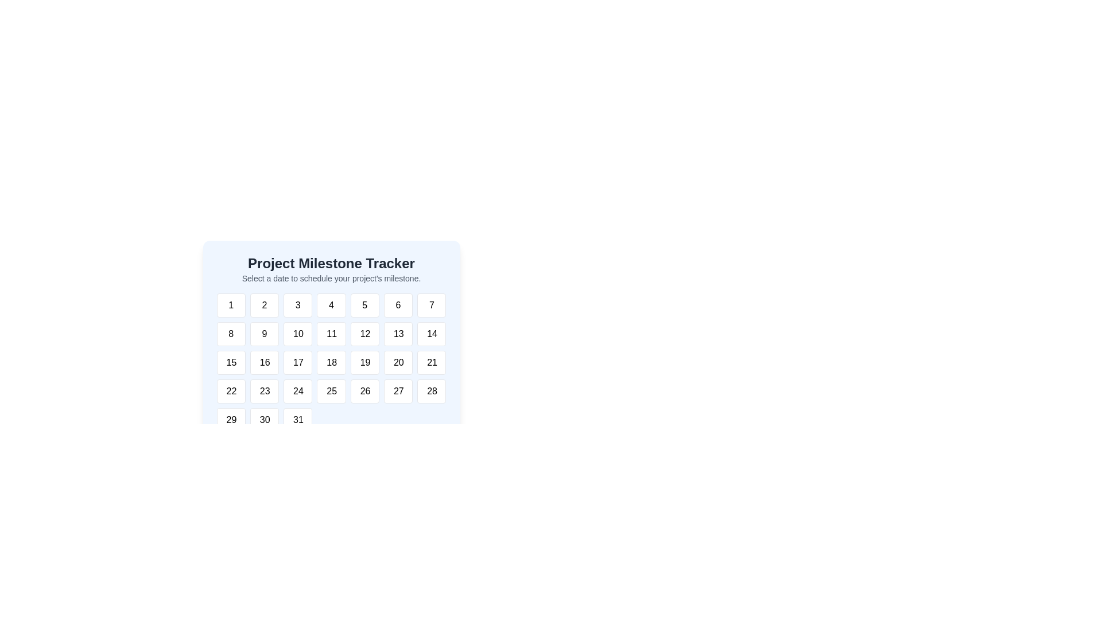  I want to click on the selectable day button in the calendar interface, so click(298, 390).